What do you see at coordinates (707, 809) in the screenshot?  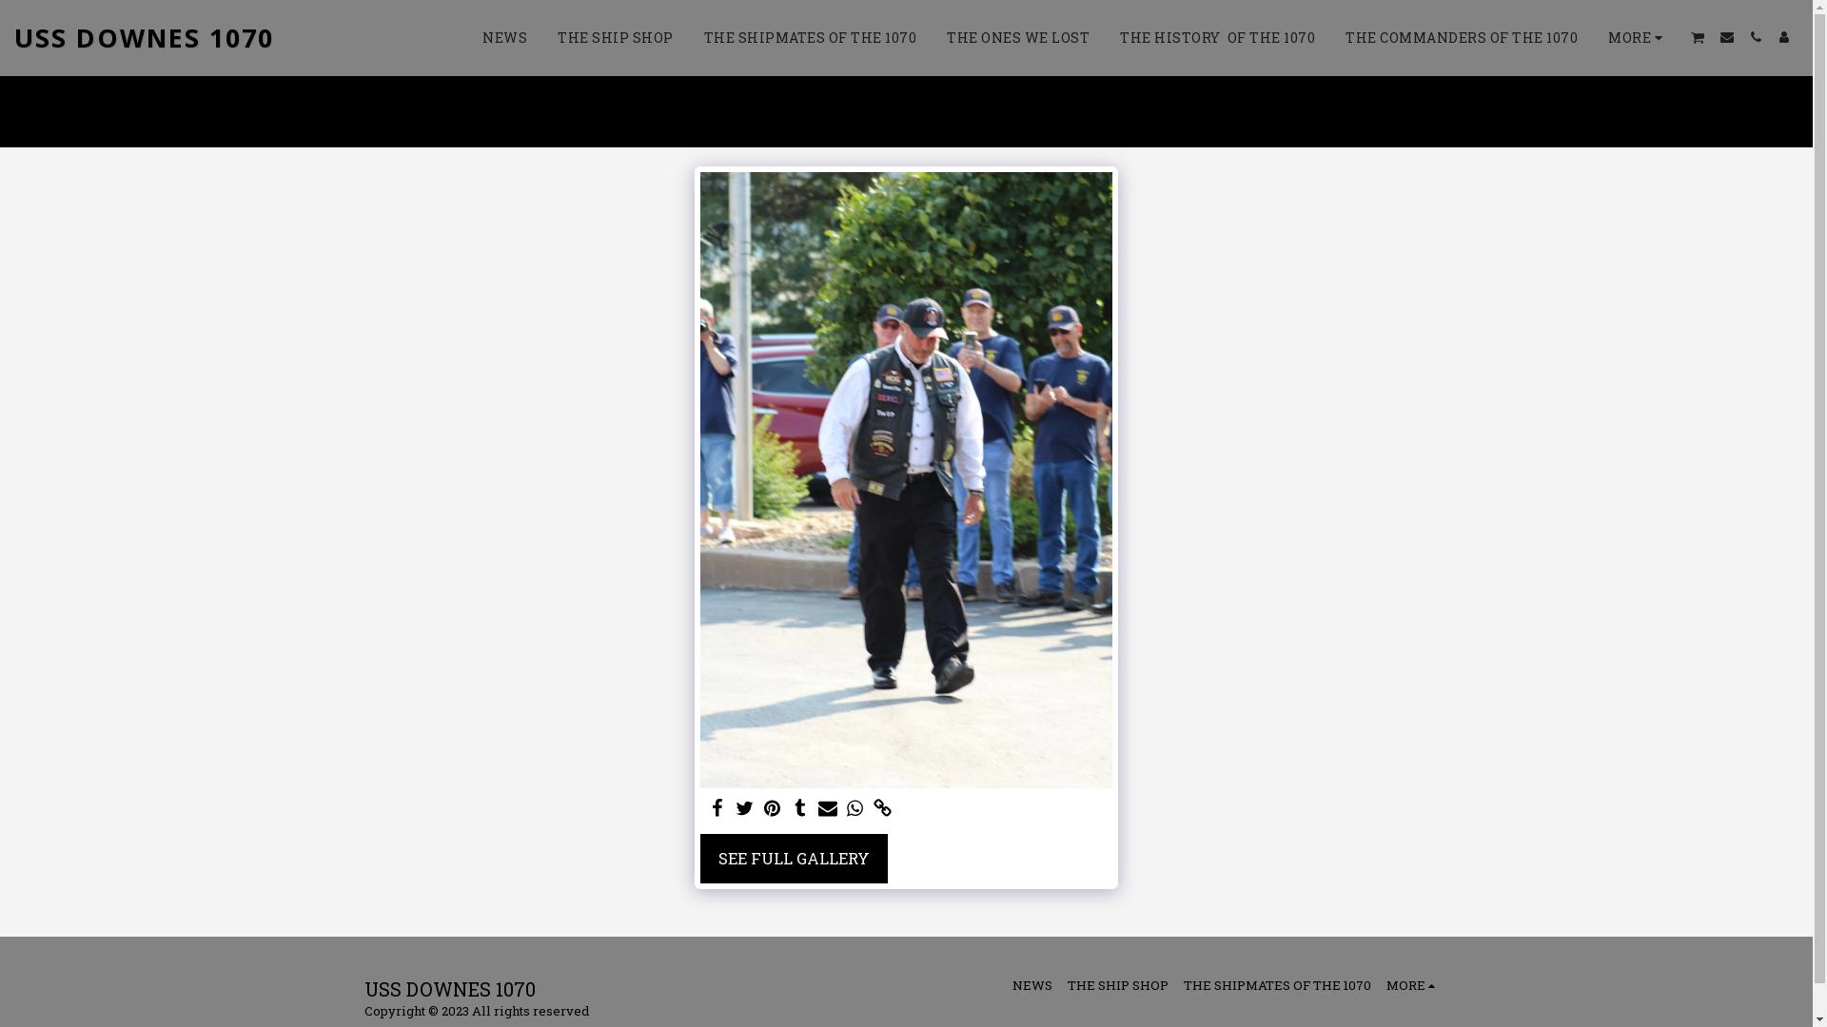 I see `'Share on Facebook'` at bounding box center [707, 809].